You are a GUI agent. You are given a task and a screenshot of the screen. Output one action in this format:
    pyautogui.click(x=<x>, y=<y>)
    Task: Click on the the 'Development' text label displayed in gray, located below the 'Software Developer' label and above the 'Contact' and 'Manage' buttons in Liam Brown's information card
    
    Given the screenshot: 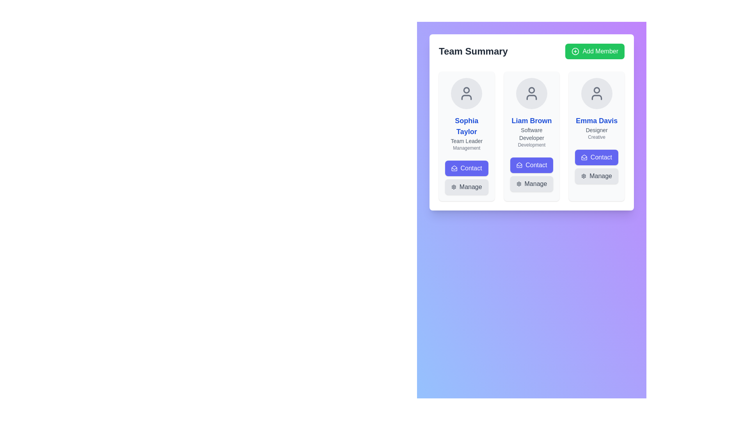 What is the action you would take?
    pyautogui.click(x=531, y=145)
    